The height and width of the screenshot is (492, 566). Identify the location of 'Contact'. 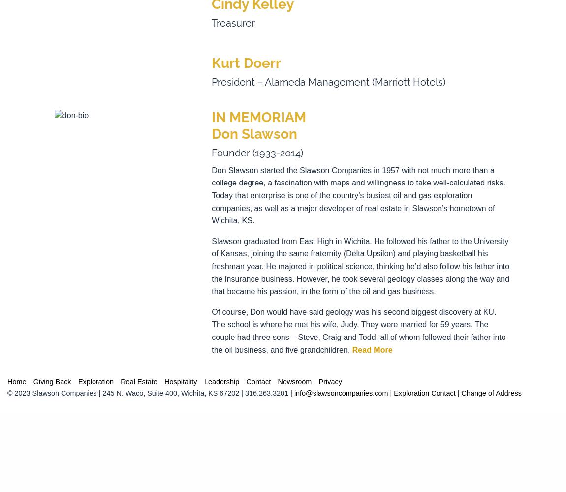
(246, 381).